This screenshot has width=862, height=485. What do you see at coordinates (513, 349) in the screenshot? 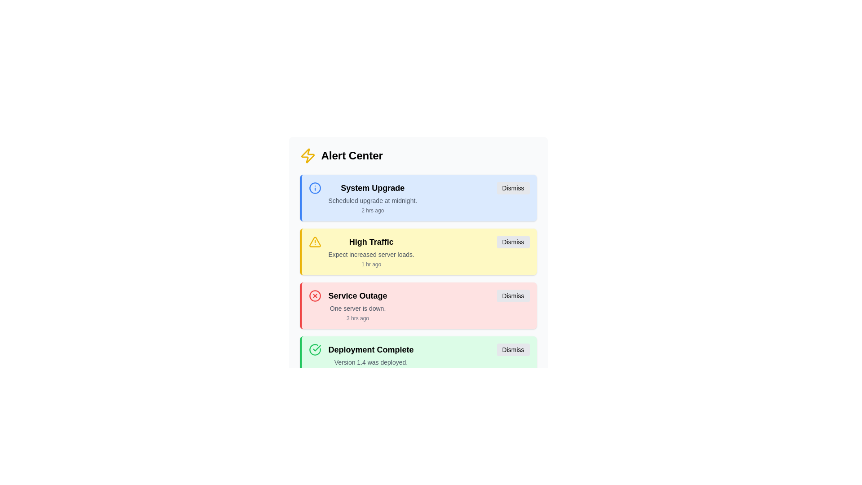
I see `the close button located at the top-right corner of the 'Deployment Complete' notification panel` at bounding box center [513, 349].